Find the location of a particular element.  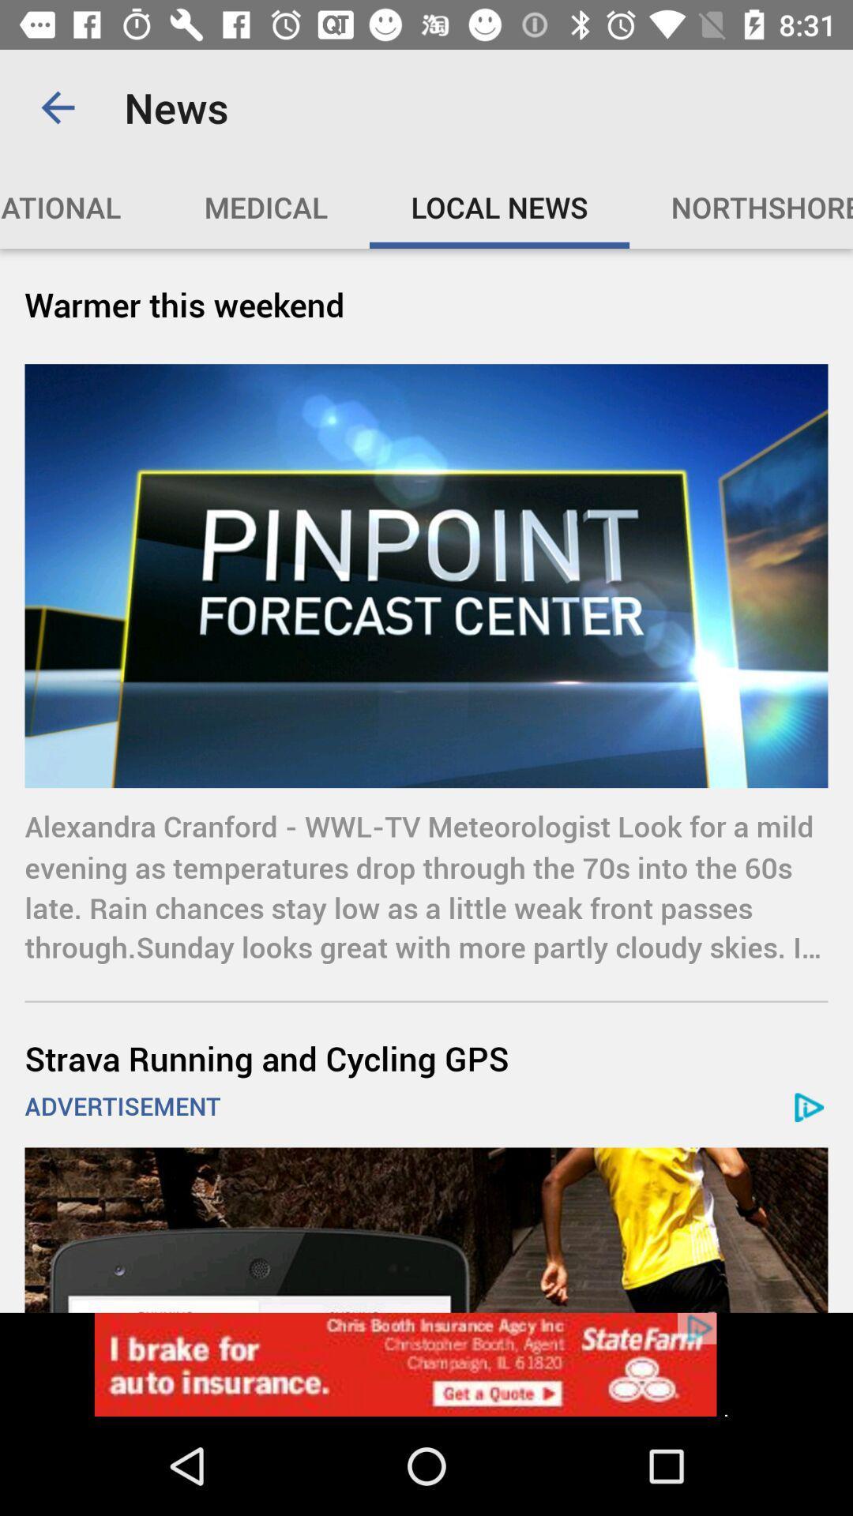

icon above the advertisement icon is located at coordinates (426, 1058).